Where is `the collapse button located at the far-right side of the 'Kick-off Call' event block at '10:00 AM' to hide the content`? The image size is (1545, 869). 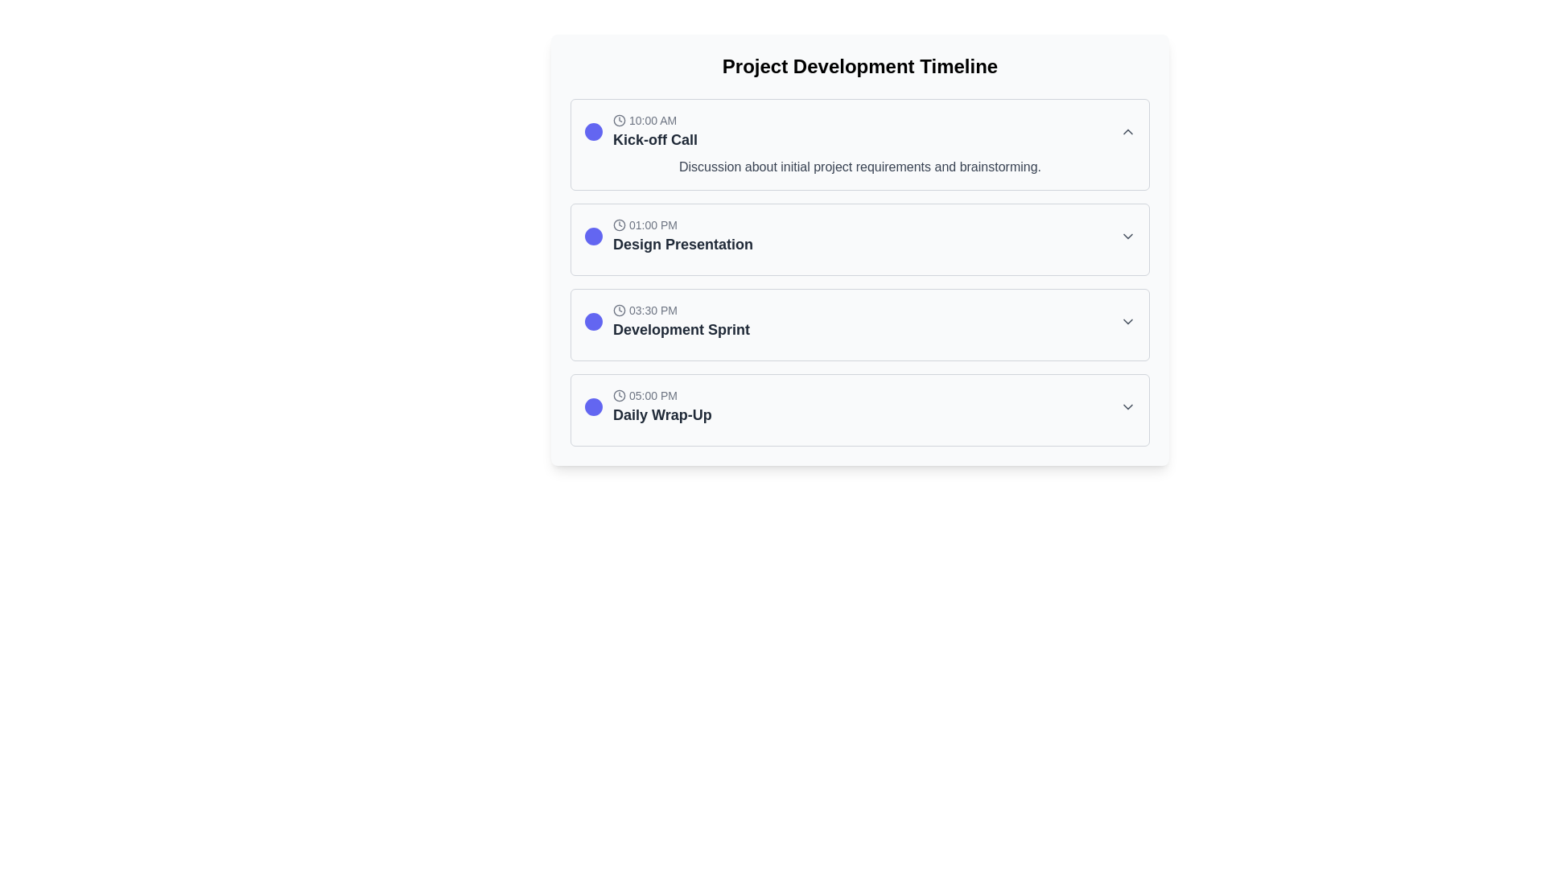 the collapse button located at the far-right side of the 'Kick-off Call' event block at '10:00 AM' to hide the content is located at coordinates (1127, 131).